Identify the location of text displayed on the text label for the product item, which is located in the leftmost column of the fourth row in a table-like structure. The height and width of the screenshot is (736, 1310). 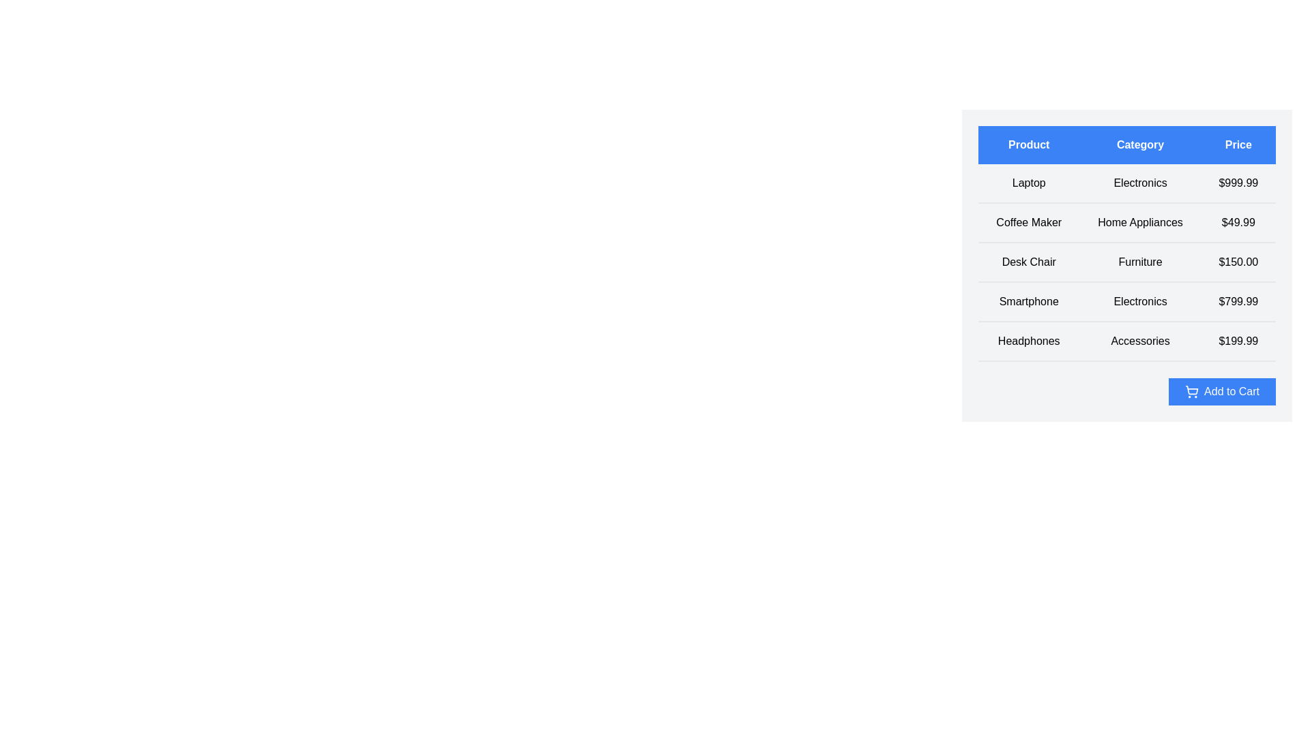
(1029, 301).